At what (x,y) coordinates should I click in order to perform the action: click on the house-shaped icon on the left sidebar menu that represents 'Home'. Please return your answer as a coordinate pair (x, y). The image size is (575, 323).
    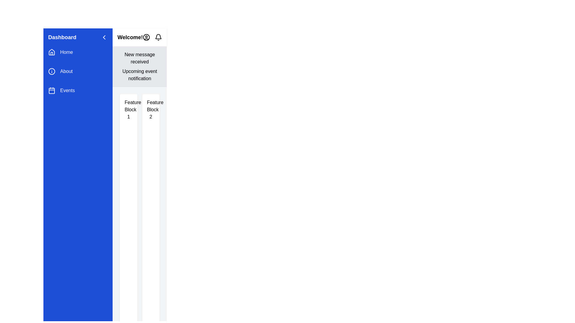
    Looking at the image, I should click on (52, 52).